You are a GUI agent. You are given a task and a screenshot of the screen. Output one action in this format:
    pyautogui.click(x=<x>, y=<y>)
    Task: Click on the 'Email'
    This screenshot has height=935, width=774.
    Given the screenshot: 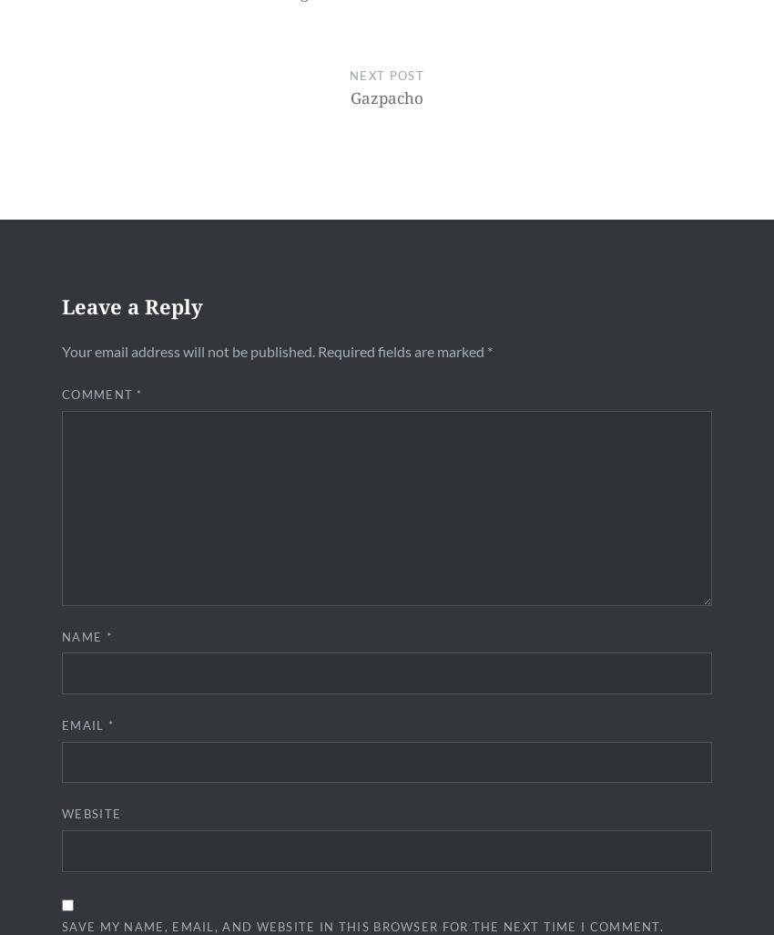 What is the action you would take?
    pyautogui.click(x=83, y=724)
    